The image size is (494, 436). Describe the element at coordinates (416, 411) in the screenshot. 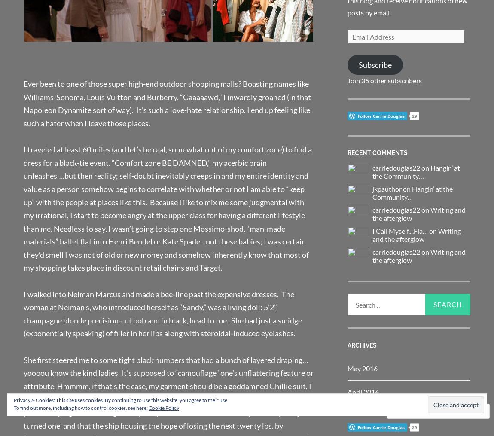

I see `'Comment'` at that location.